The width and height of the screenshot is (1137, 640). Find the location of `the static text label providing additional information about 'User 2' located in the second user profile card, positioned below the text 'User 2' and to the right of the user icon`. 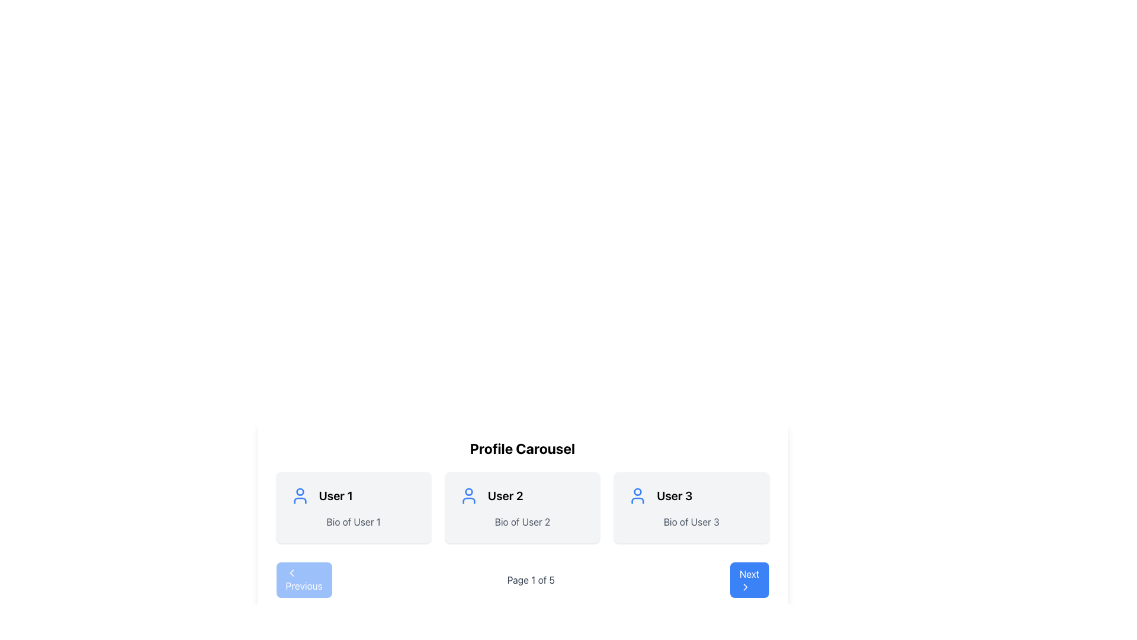

the static text label providing additional information about 'User 2' located in the second user profile card, positioned below the text 'User 2' and to the right of the user icon is located at coordinates (522, 521).